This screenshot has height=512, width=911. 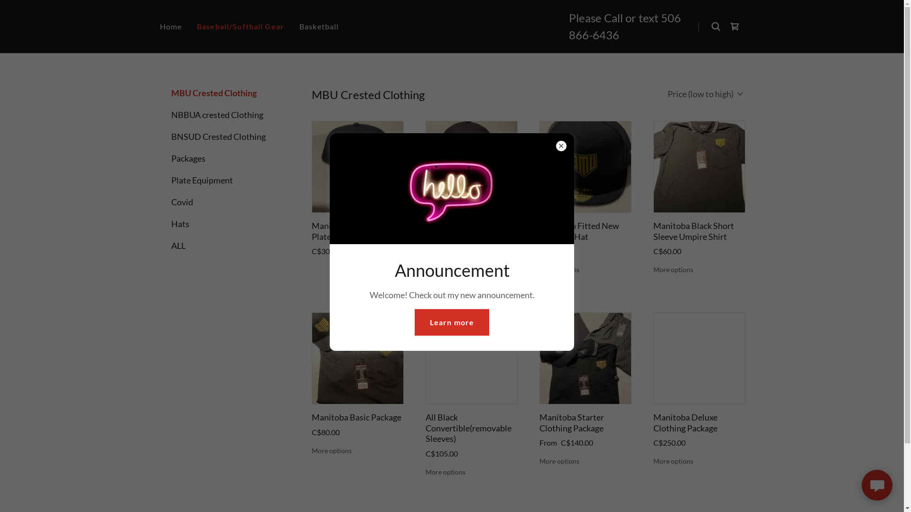 What do you see at coordinates (241, 26) in the screenshot?
I see `'Baseball/Softball Gear'` at bounding box center [241, 26].